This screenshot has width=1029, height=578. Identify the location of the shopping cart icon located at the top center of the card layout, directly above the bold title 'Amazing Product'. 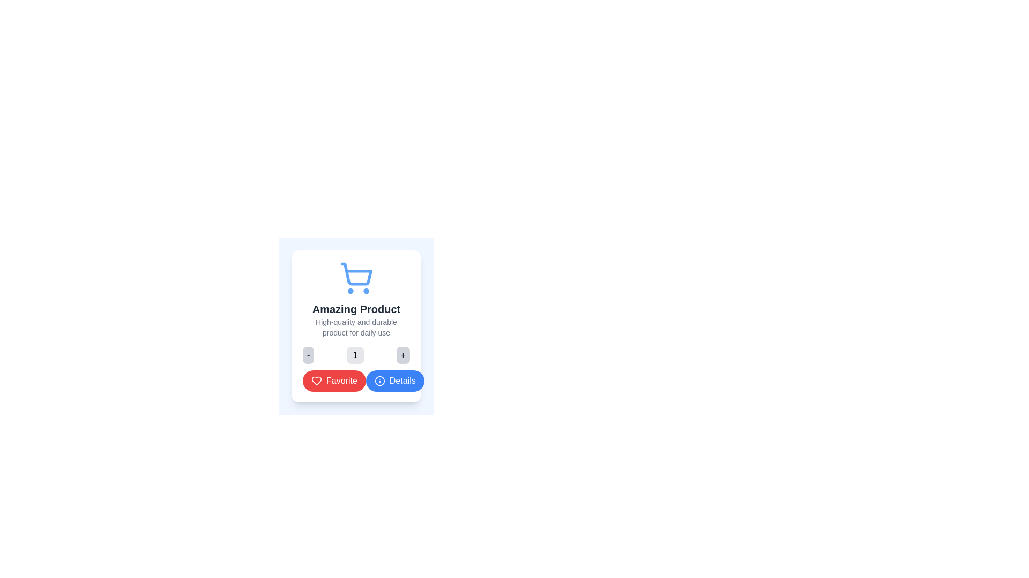
(356, 278).